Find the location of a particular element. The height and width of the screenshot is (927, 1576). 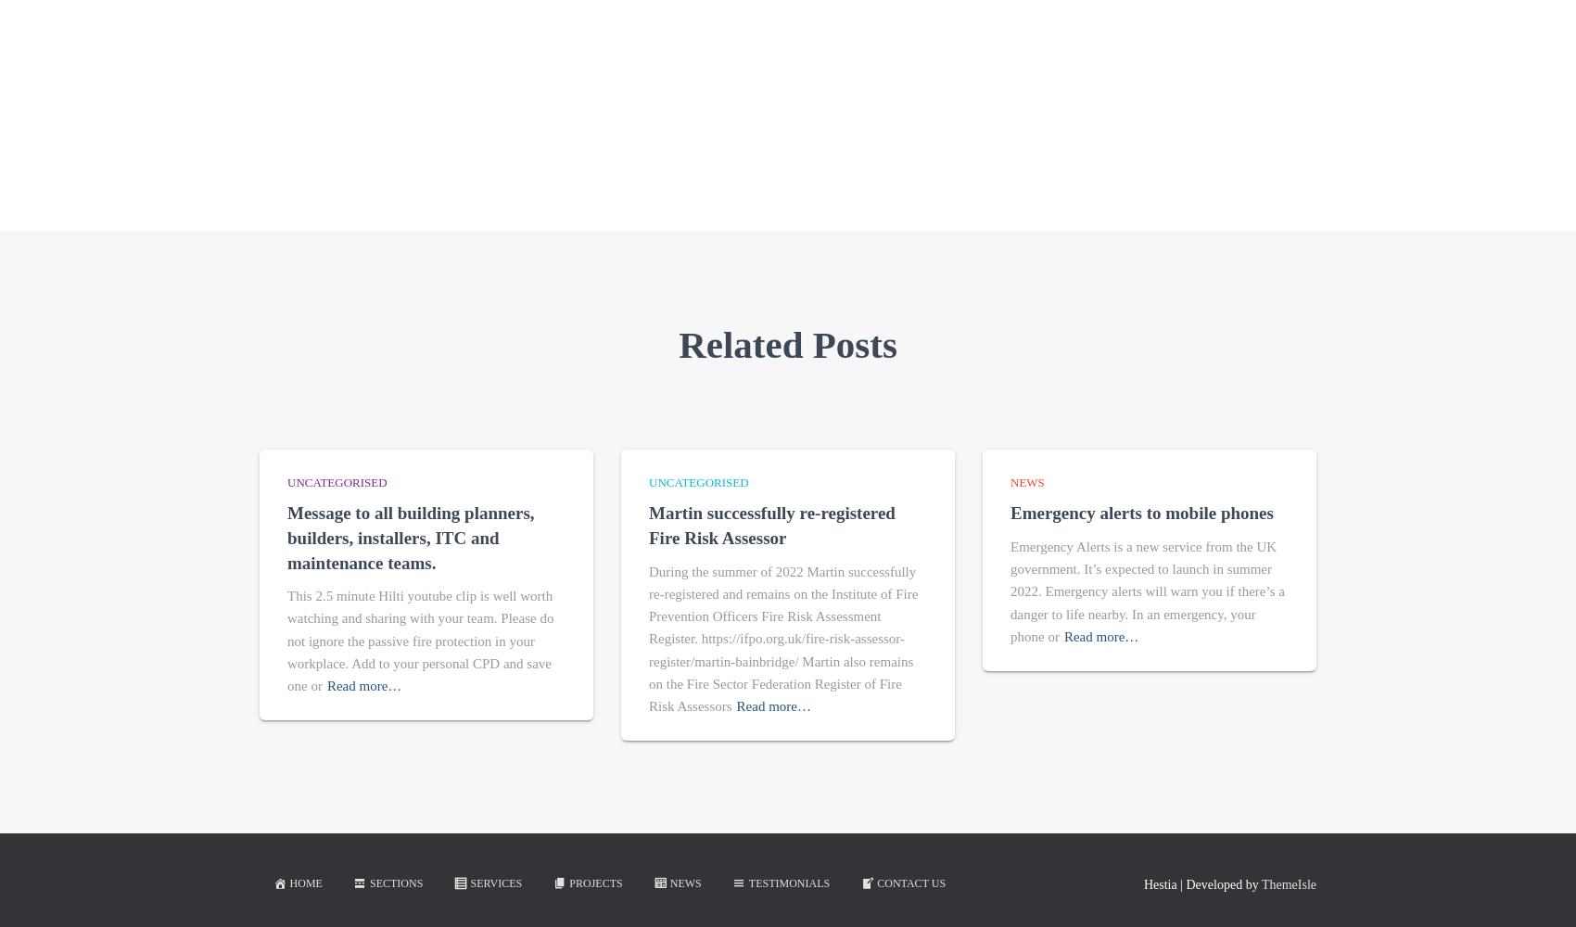

'Message to all building planners, builders, installers, ITC and maintenance teams.' is located at coordinates (411, 537).